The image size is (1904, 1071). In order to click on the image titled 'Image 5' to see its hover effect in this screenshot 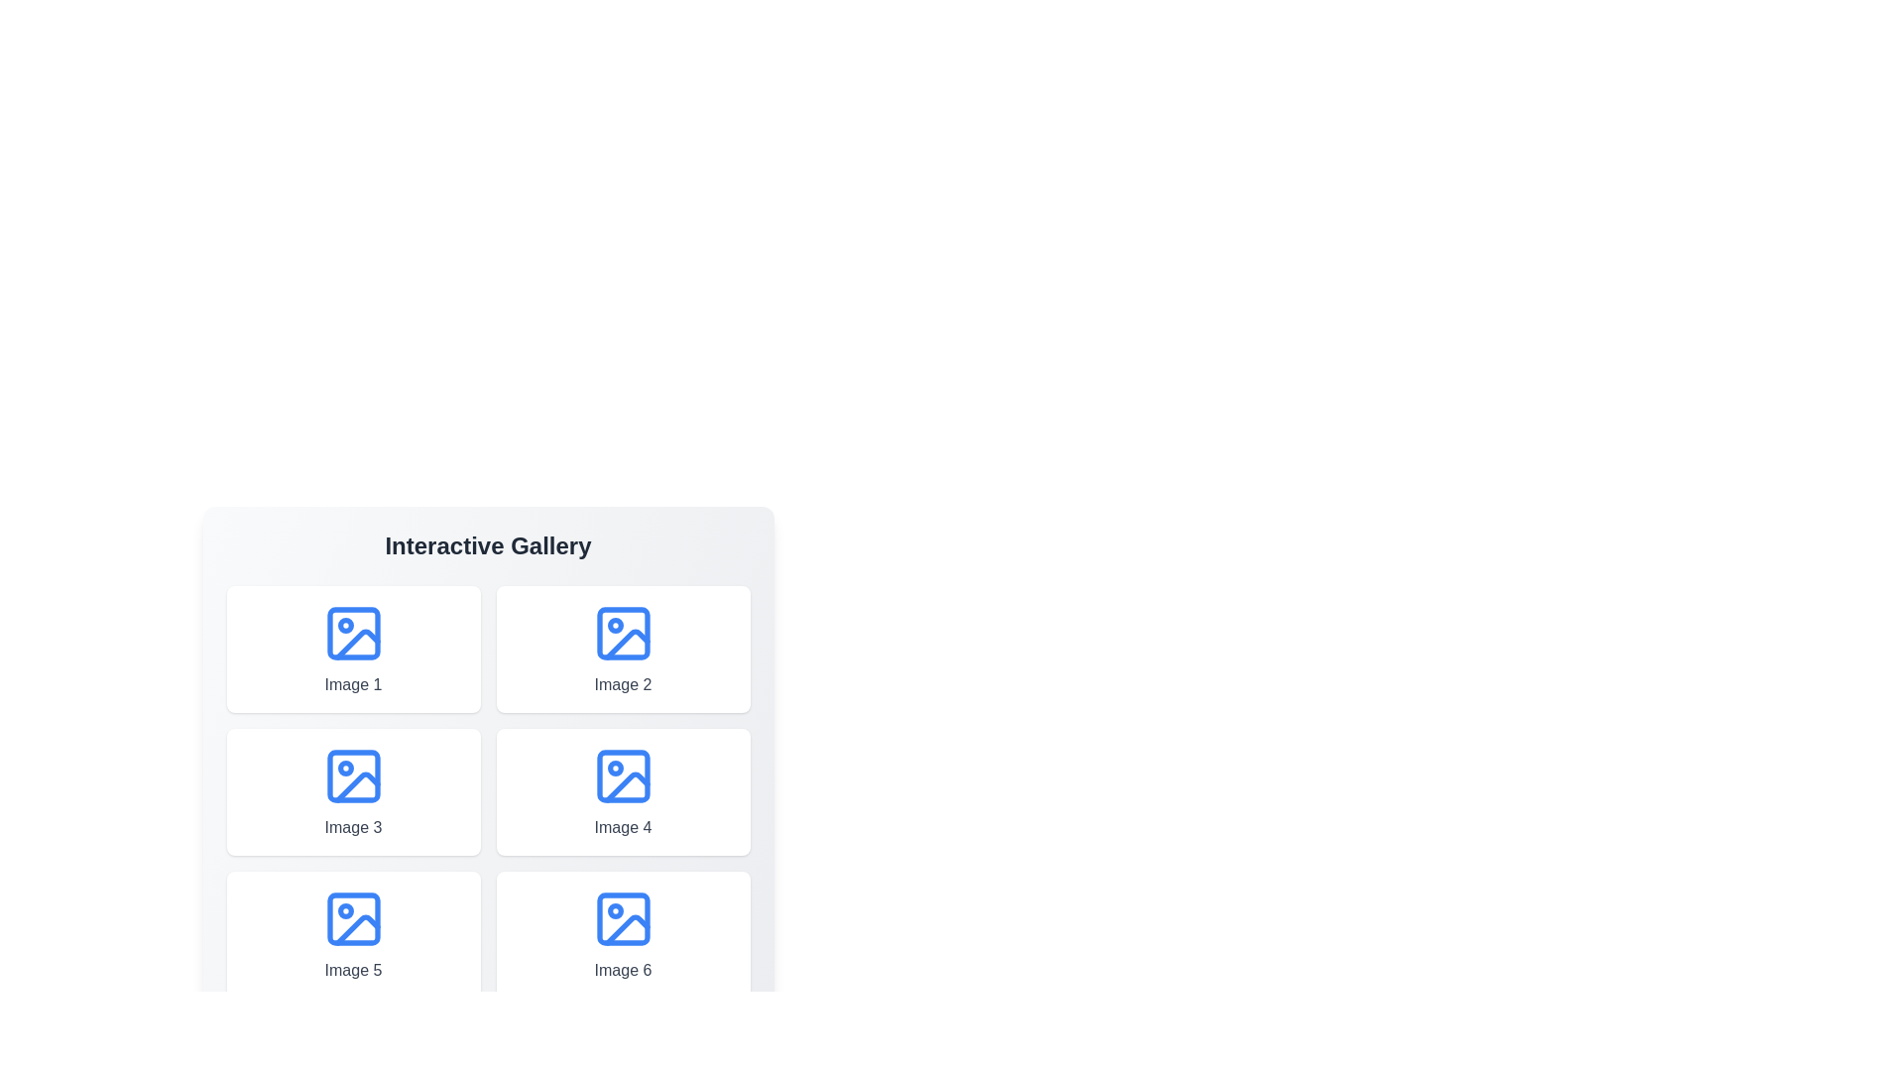, I will do `click(353, 934)`.